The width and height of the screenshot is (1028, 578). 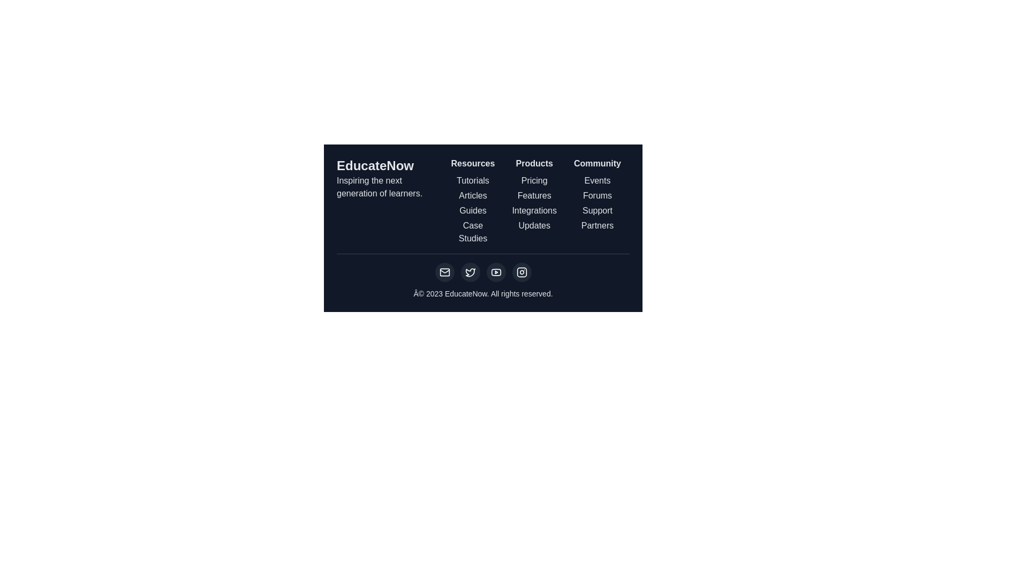 I want to click on 'Resources' category header text located at the top of the footer navigation panel, which organizes the subsequent items including 'Tutorials', 'Articles', 'Guides', and 'Case Studies', so click(x=472, y=163).